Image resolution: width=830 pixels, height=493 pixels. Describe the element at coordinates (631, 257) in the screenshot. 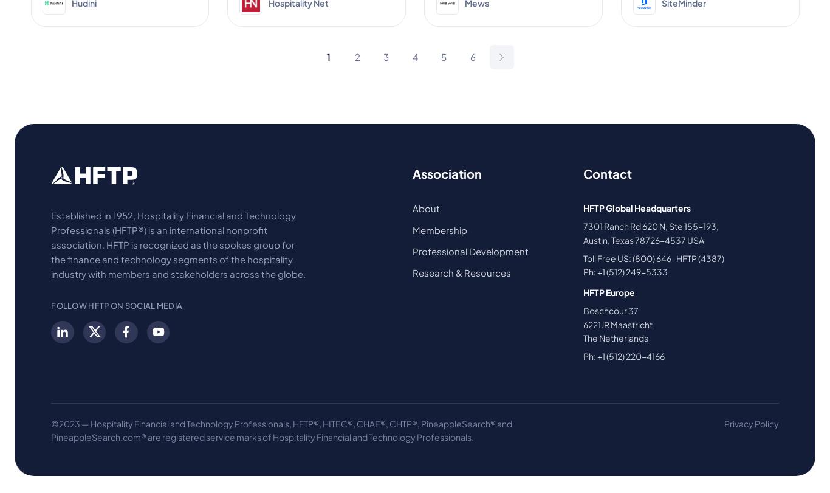

I see `'(800) 646-HFTP (4387)'` at that location.